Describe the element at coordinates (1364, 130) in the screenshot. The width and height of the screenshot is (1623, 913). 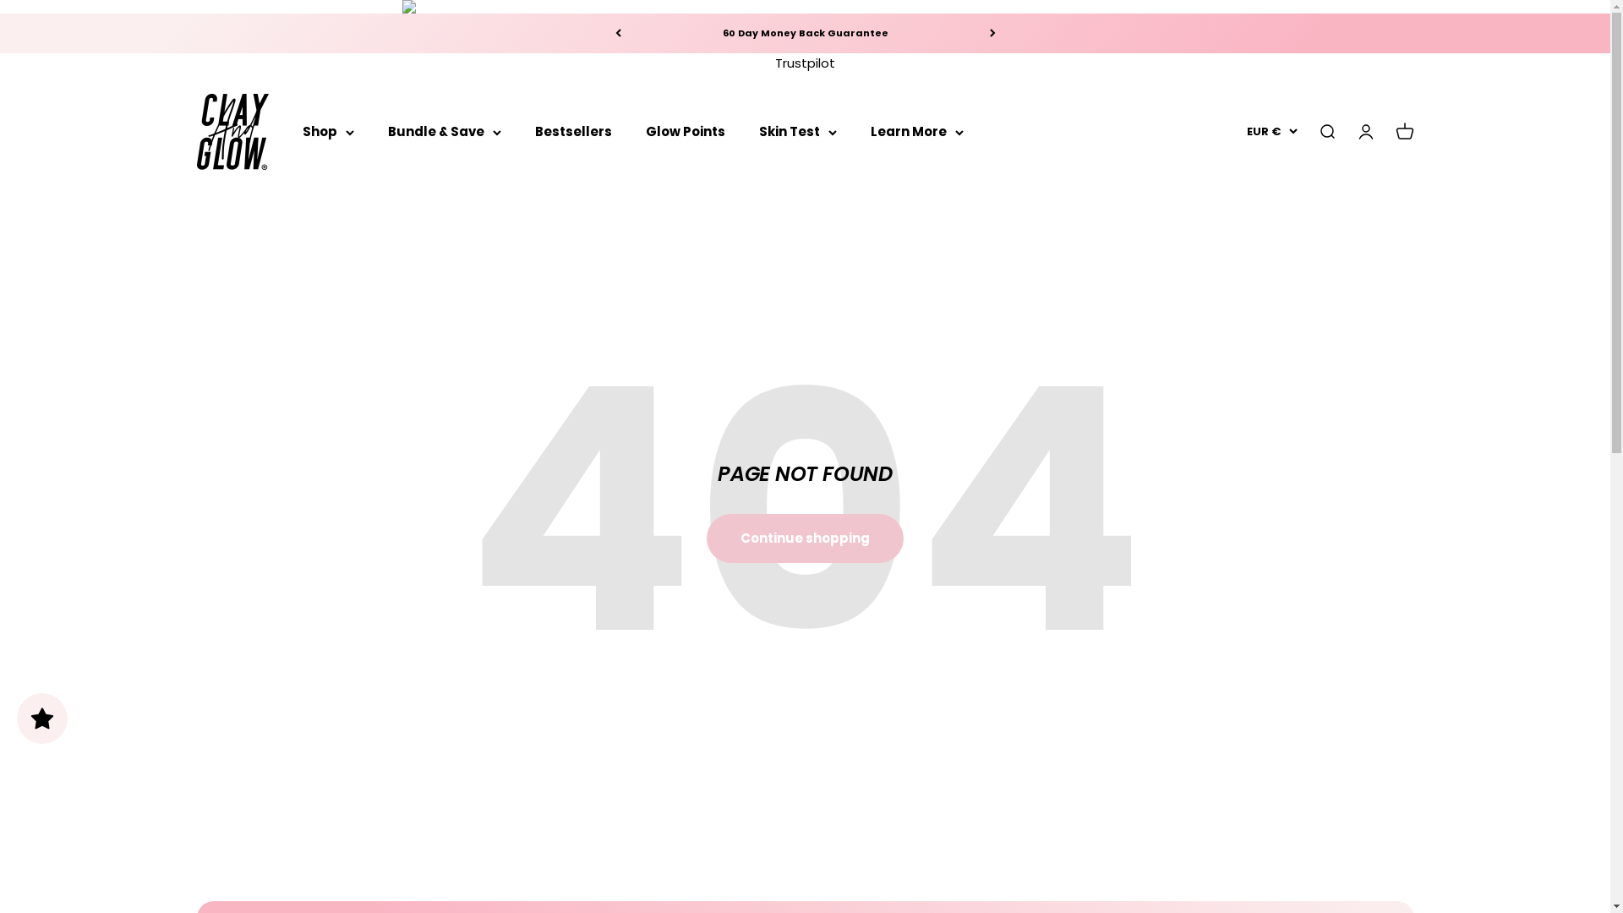
I see `'Open account page'` at that location.